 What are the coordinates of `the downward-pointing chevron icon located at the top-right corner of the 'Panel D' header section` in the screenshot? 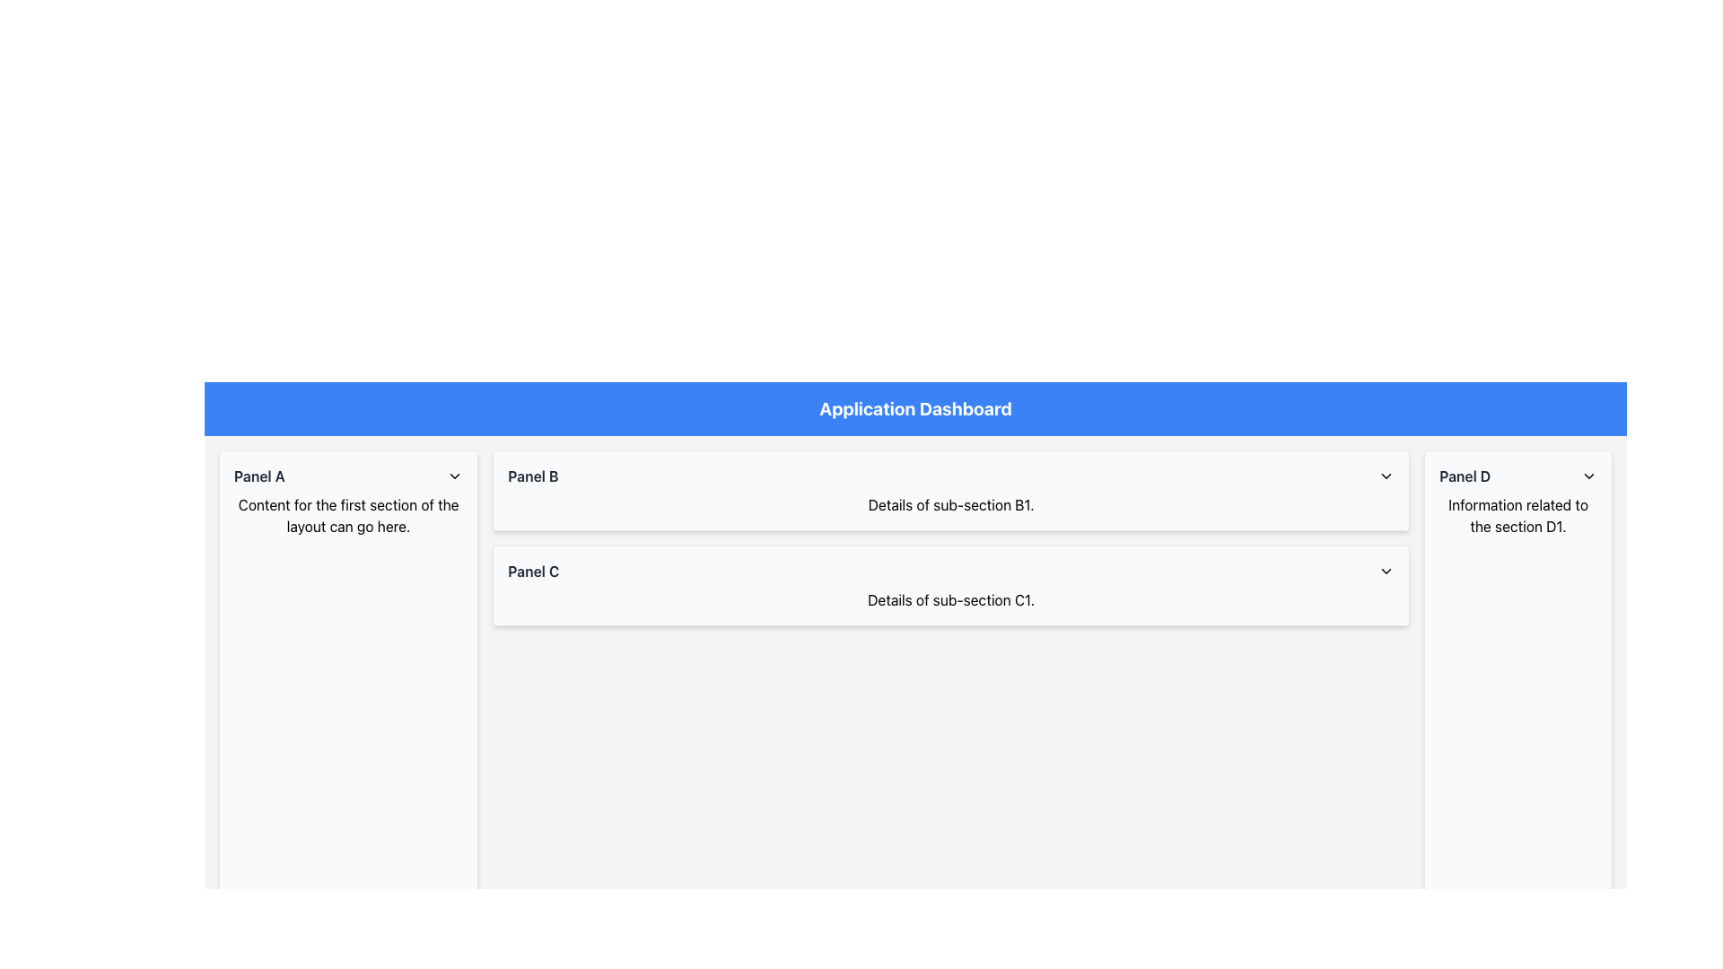 It's located at (1589, 476).